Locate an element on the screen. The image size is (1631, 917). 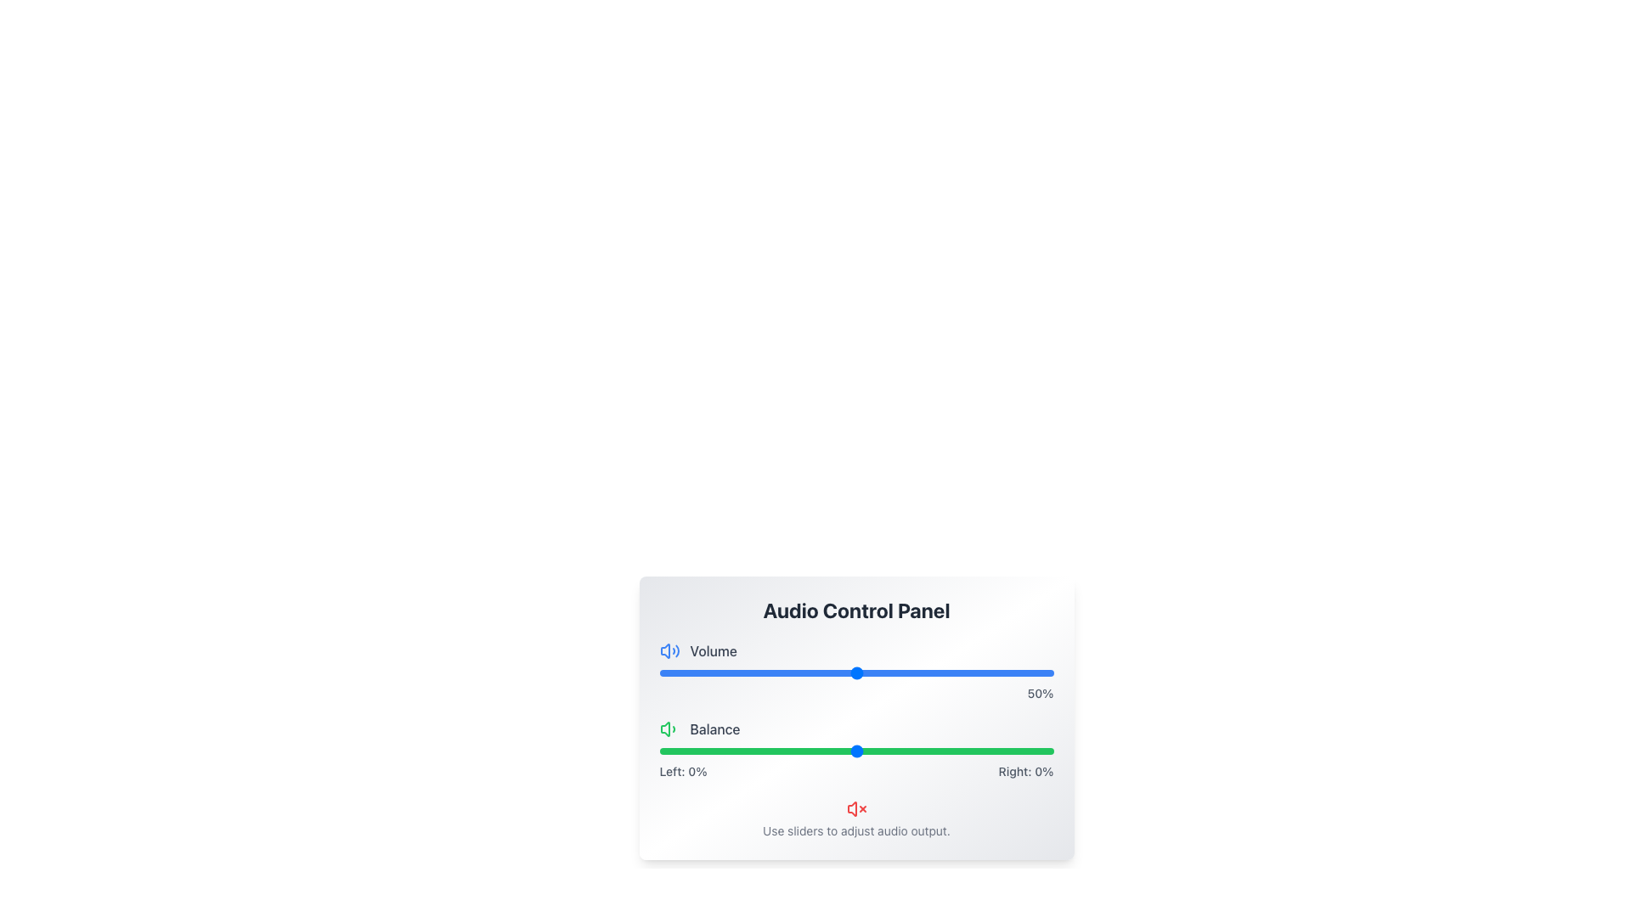
balance is located at coordinates (934, 750).